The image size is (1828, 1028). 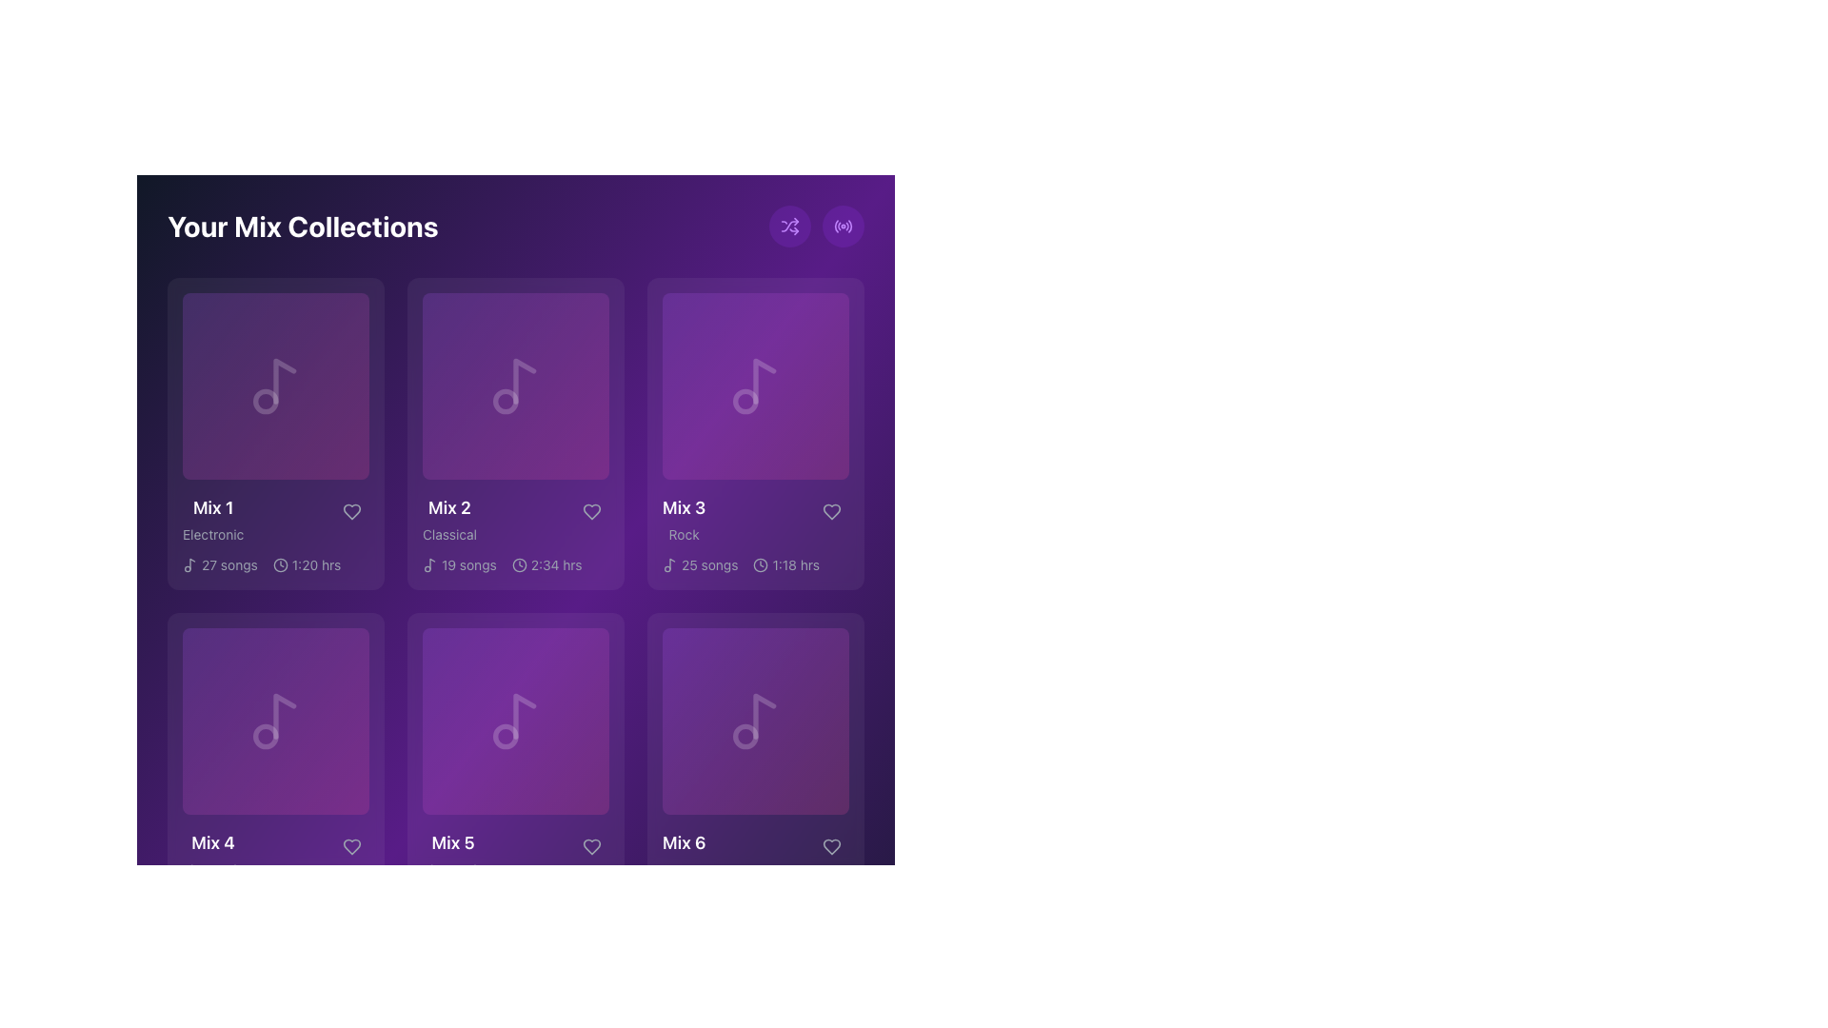 I want to click on the title text label of the music playlist card located in the top-left corner of the grid layout, so click(x=213, y=506).